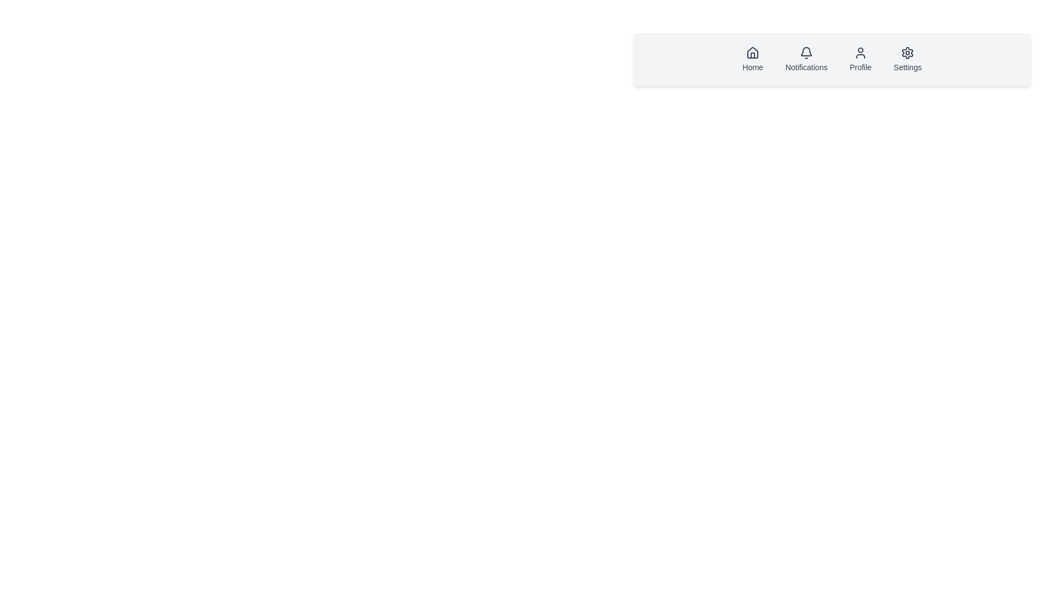  What do you see at coordinates (908, 60) in the screenshot?
I see `the 'Settings' navigation button, which is the last item in the horizontal list at the top-right of the page, featuring a gear icon and the label 'Settings'` at bounding box center [908, 60].